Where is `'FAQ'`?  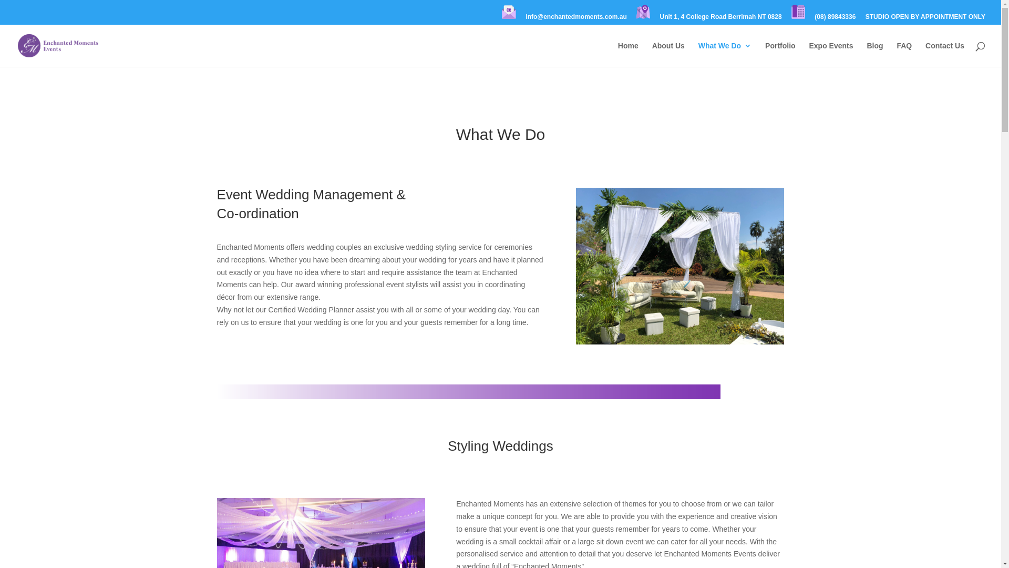
'FAQ' is located at coordinates (903, 54).